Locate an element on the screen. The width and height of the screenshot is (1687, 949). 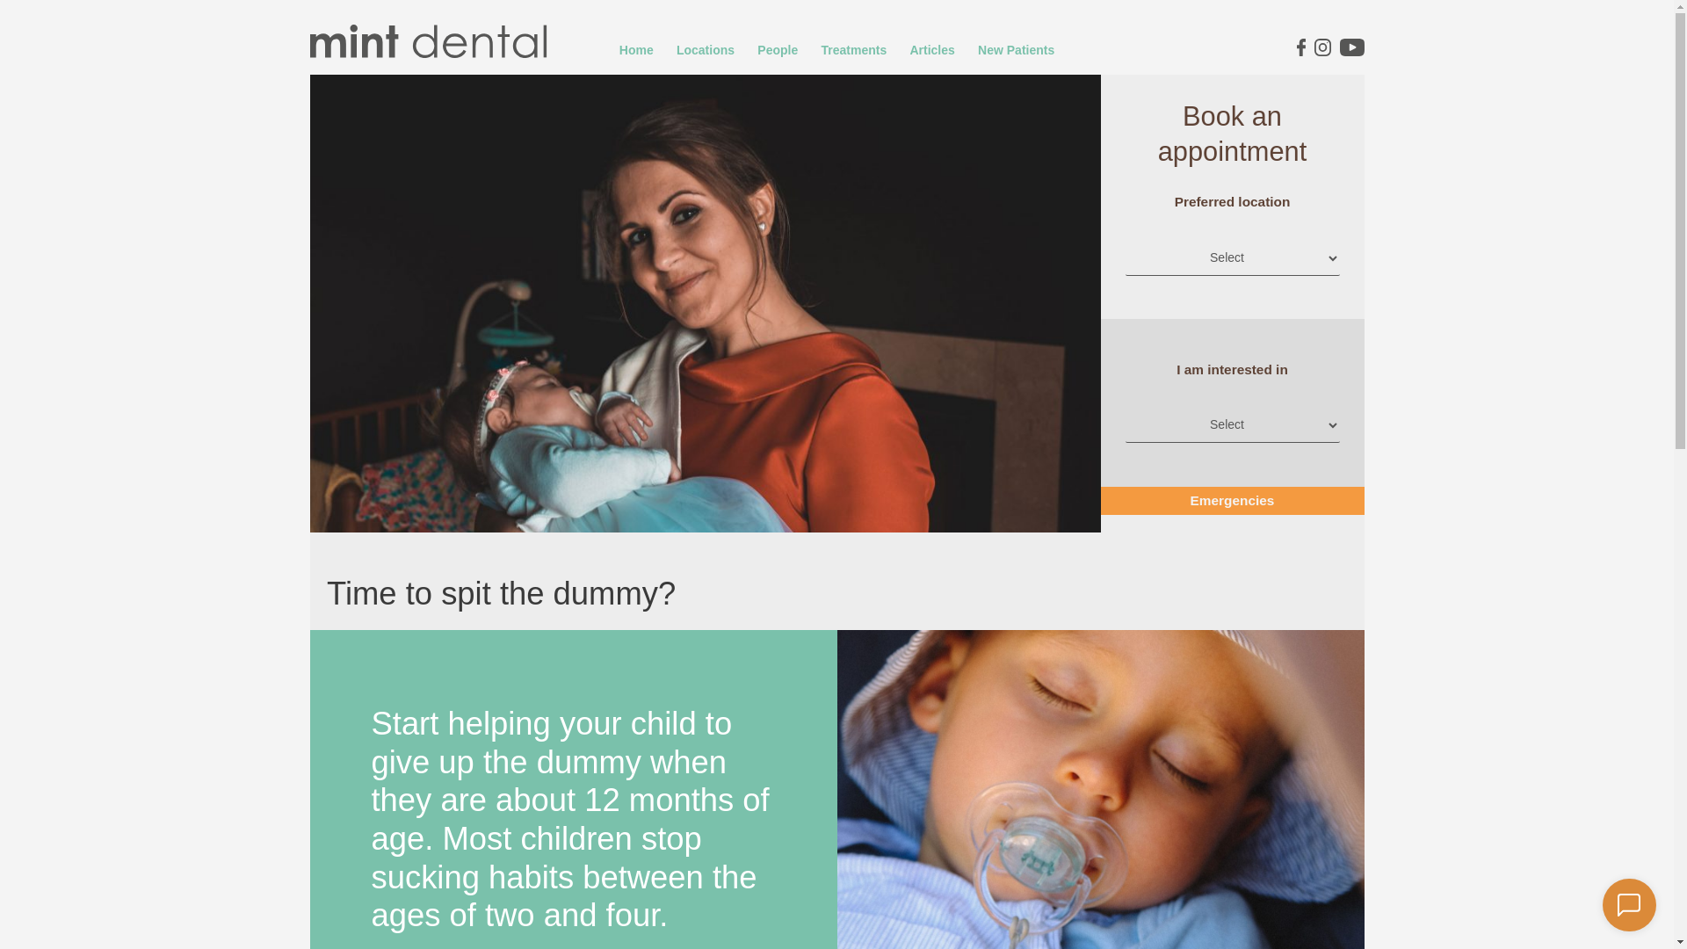
'Home' is located at coordinates (635, 49).